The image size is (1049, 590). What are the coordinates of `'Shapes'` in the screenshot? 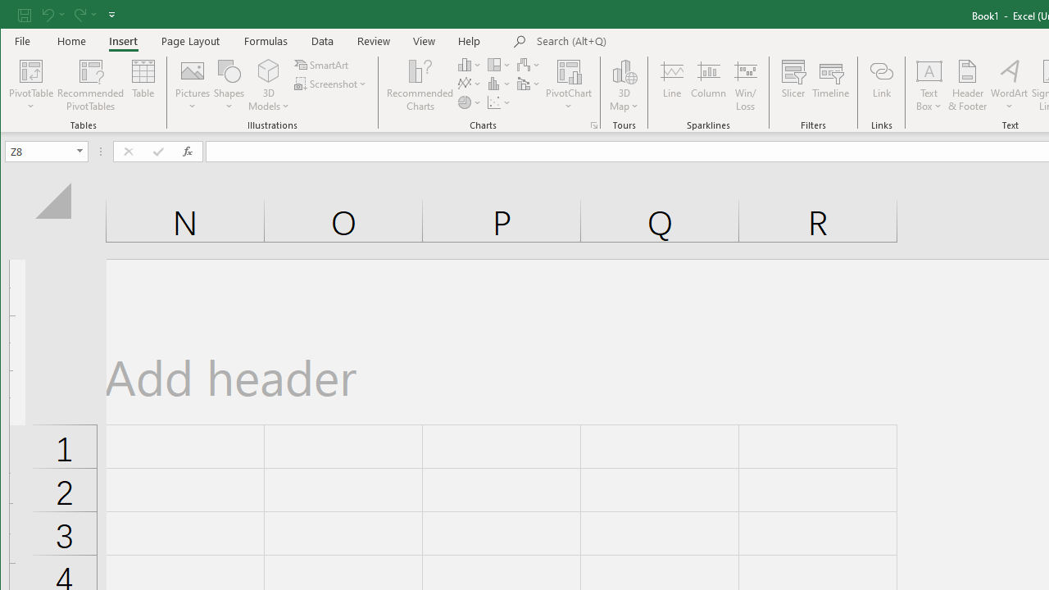 It's located at (228, 85).